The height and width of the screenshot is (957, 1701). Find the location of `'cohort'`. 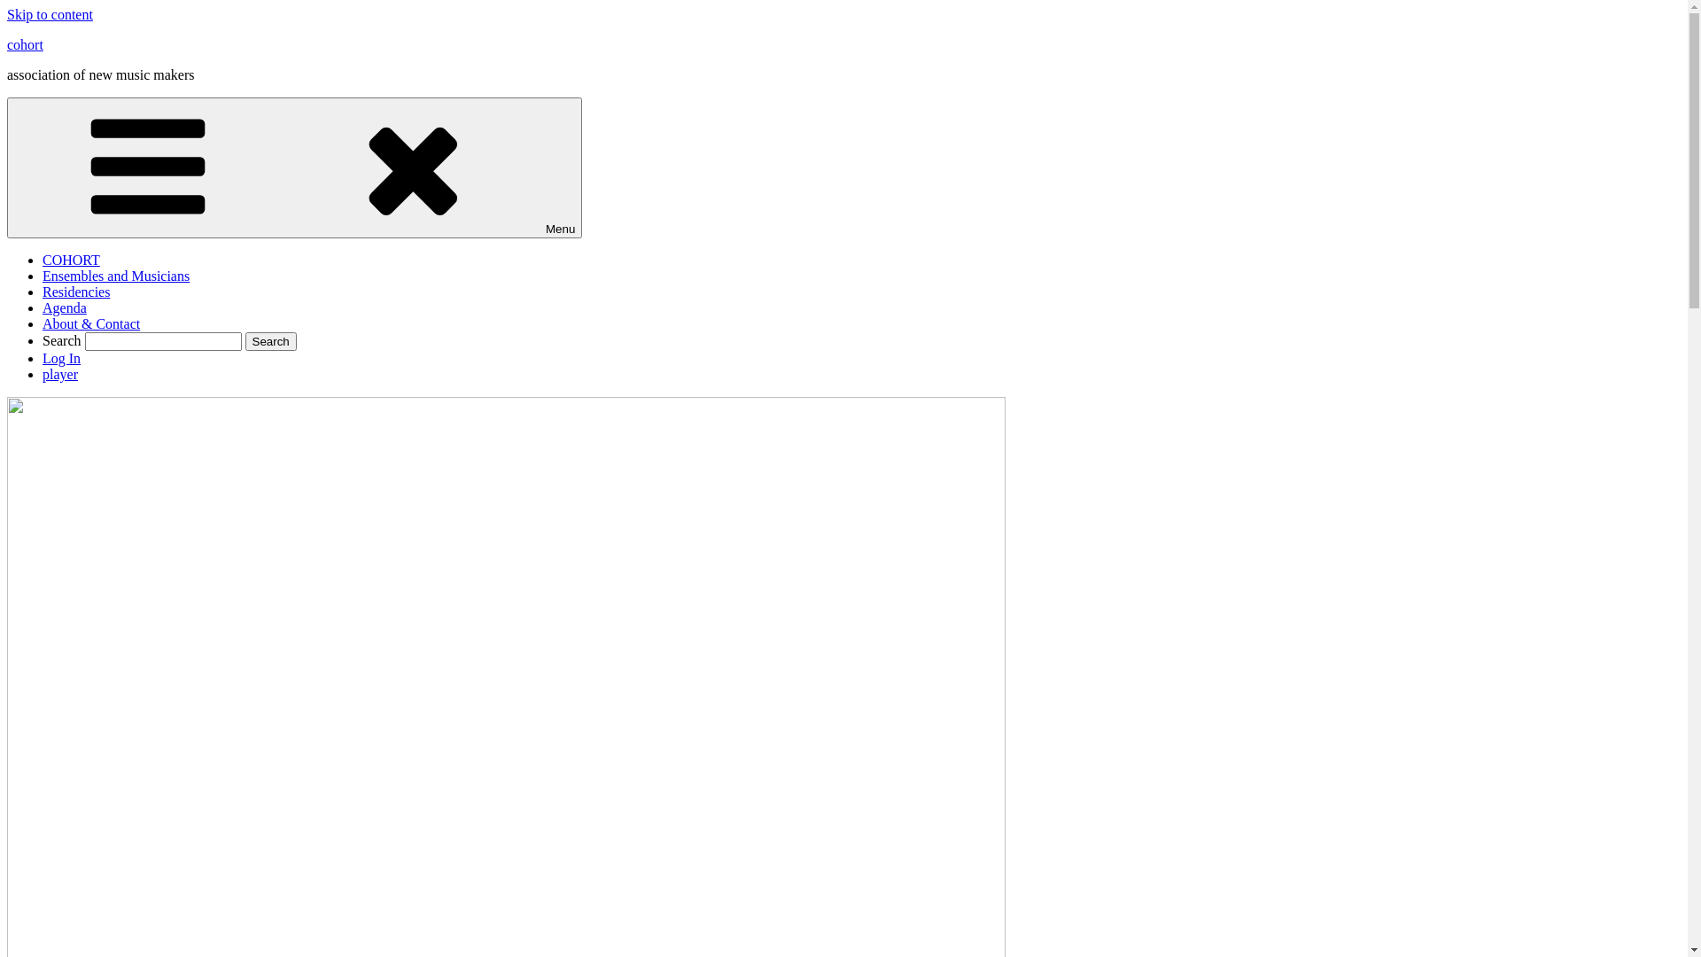

'cohort' is located at coordinates (25, 43).